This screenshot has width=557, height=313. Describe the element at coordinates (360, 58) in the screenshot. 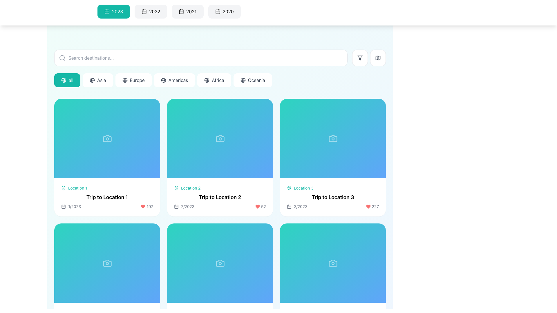

I see `the triangular-shaped funnel icon with a hollow interior, located in the top-right corner navigation bar` at that location.